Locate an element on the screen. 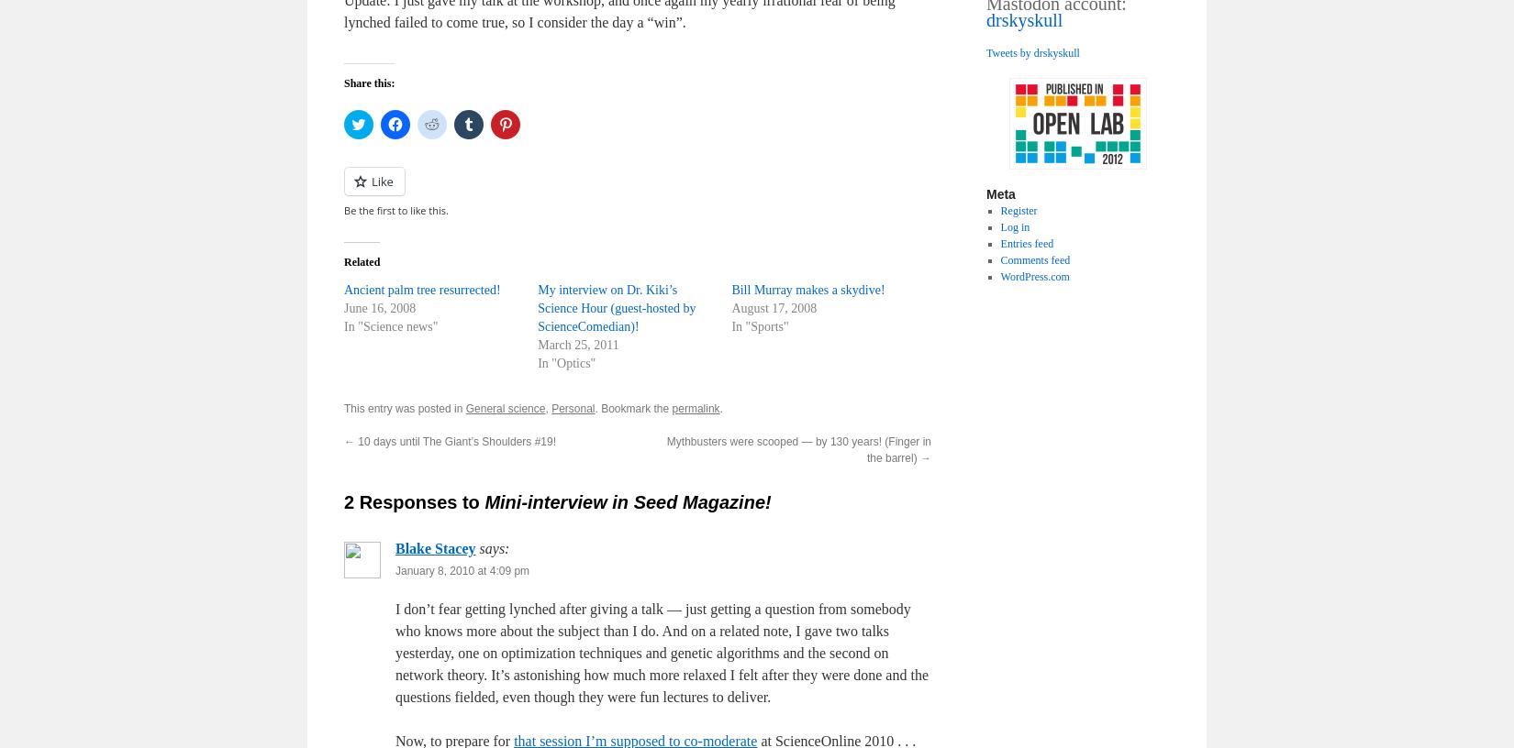  'January 8, 2010 at 4:09 pm' is located at coordinates (462, 570).